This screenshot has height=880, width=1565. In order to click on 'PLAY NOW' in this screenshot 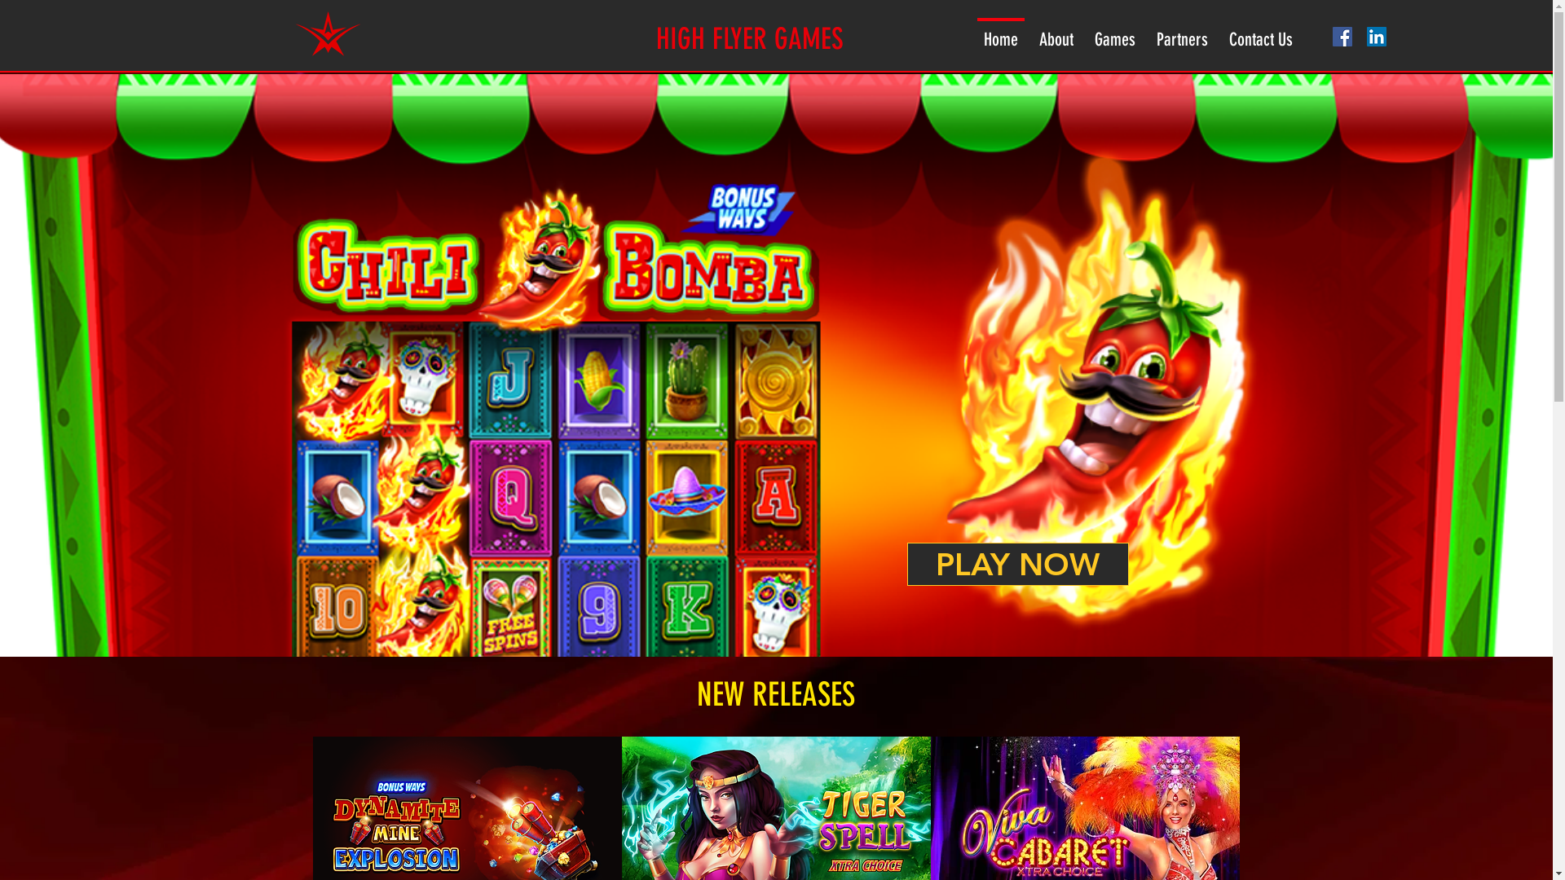, I will do `click(1016, 563)`.